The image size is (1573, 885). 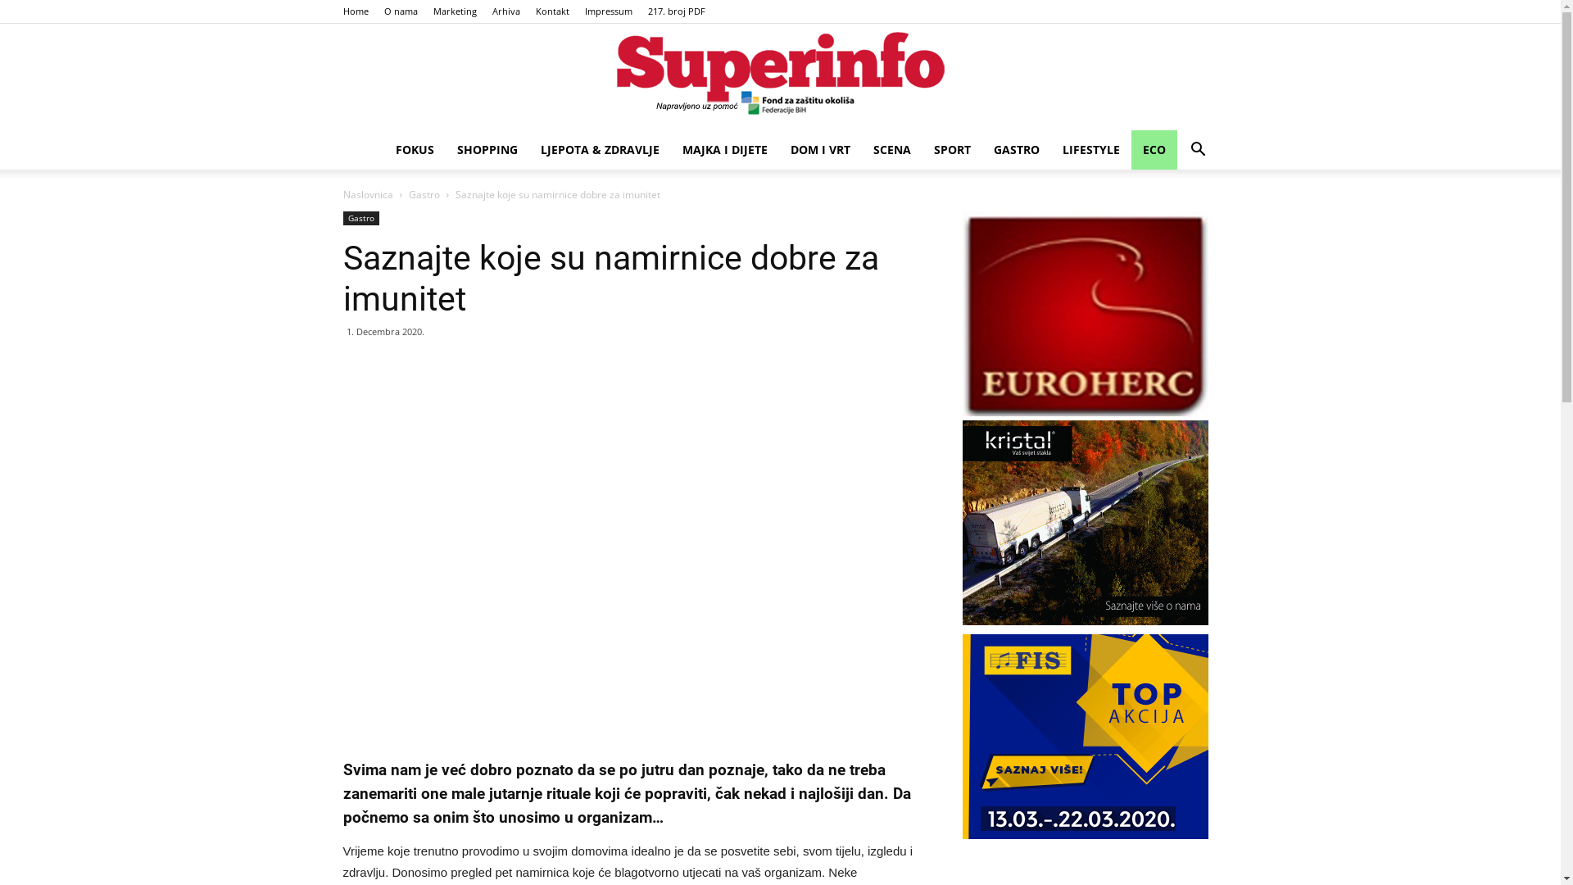 I want to click on 'Marketing', so click(x=454, y=11).